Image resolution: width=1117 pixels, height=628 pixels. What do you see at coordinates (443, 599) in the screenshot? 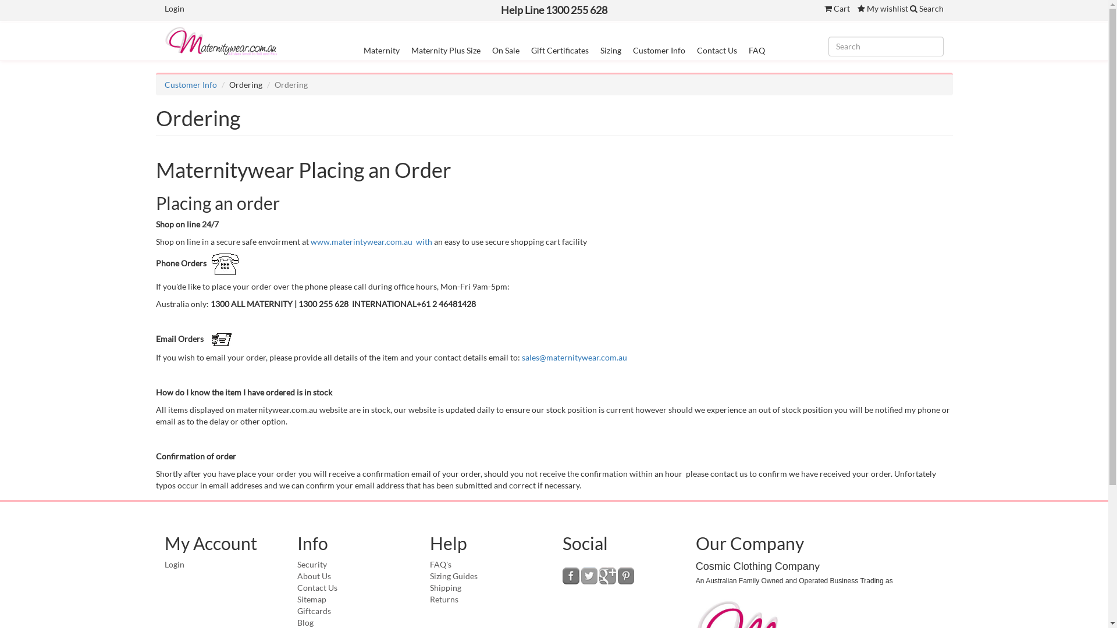
I see `'Returns'` at bounding box center [443, 599].